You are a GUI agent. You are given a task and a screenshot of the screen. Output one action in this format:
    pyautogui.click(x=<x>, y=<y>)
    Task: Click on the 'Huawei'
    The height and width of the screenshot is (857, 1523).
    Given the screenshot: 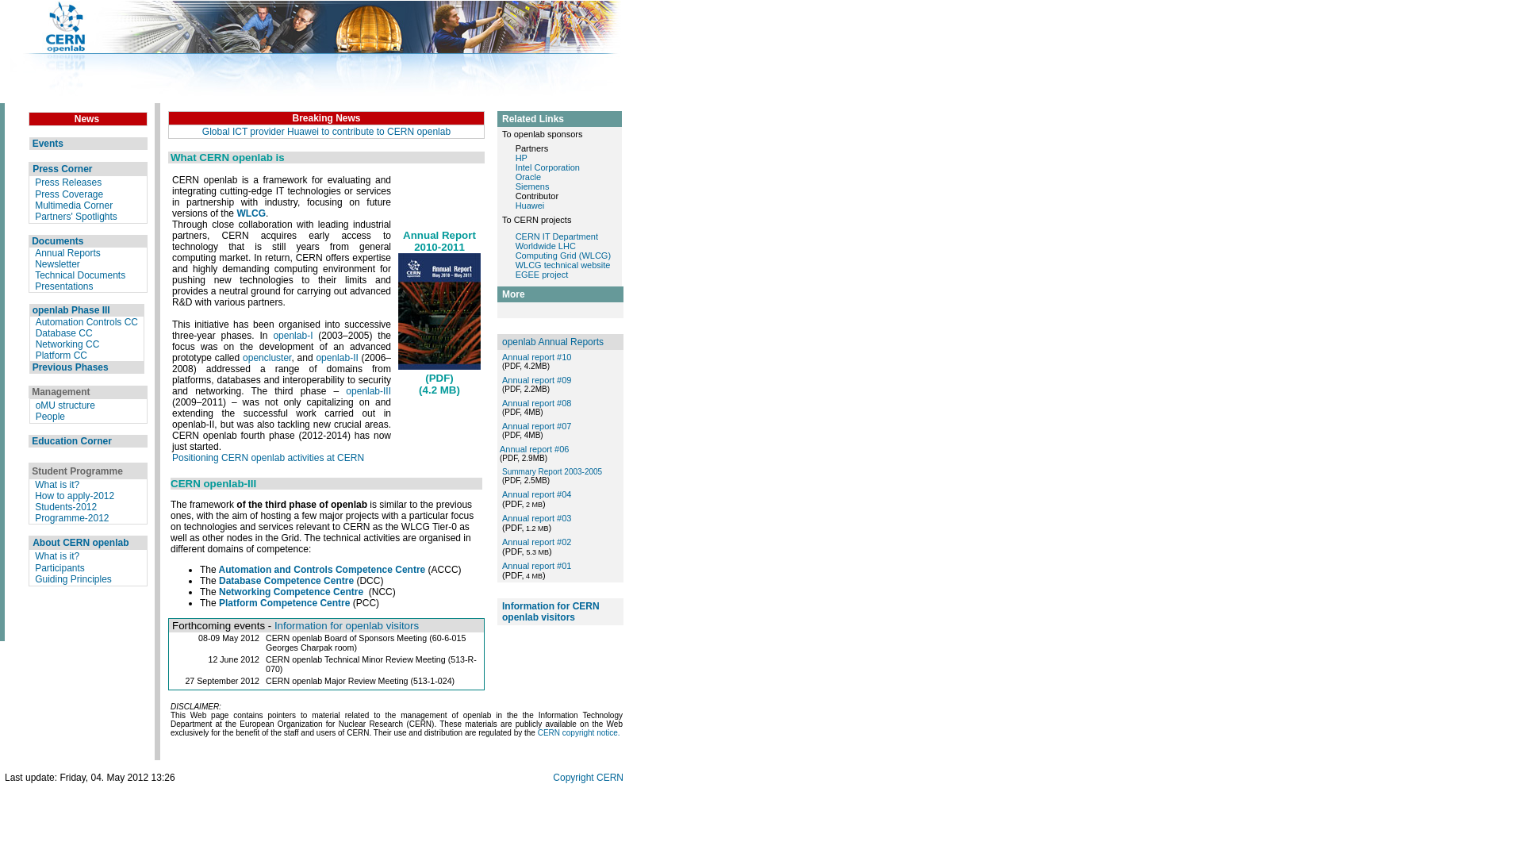 What is the action you would take?
    pyautogui.click(x=530, y=204)
    